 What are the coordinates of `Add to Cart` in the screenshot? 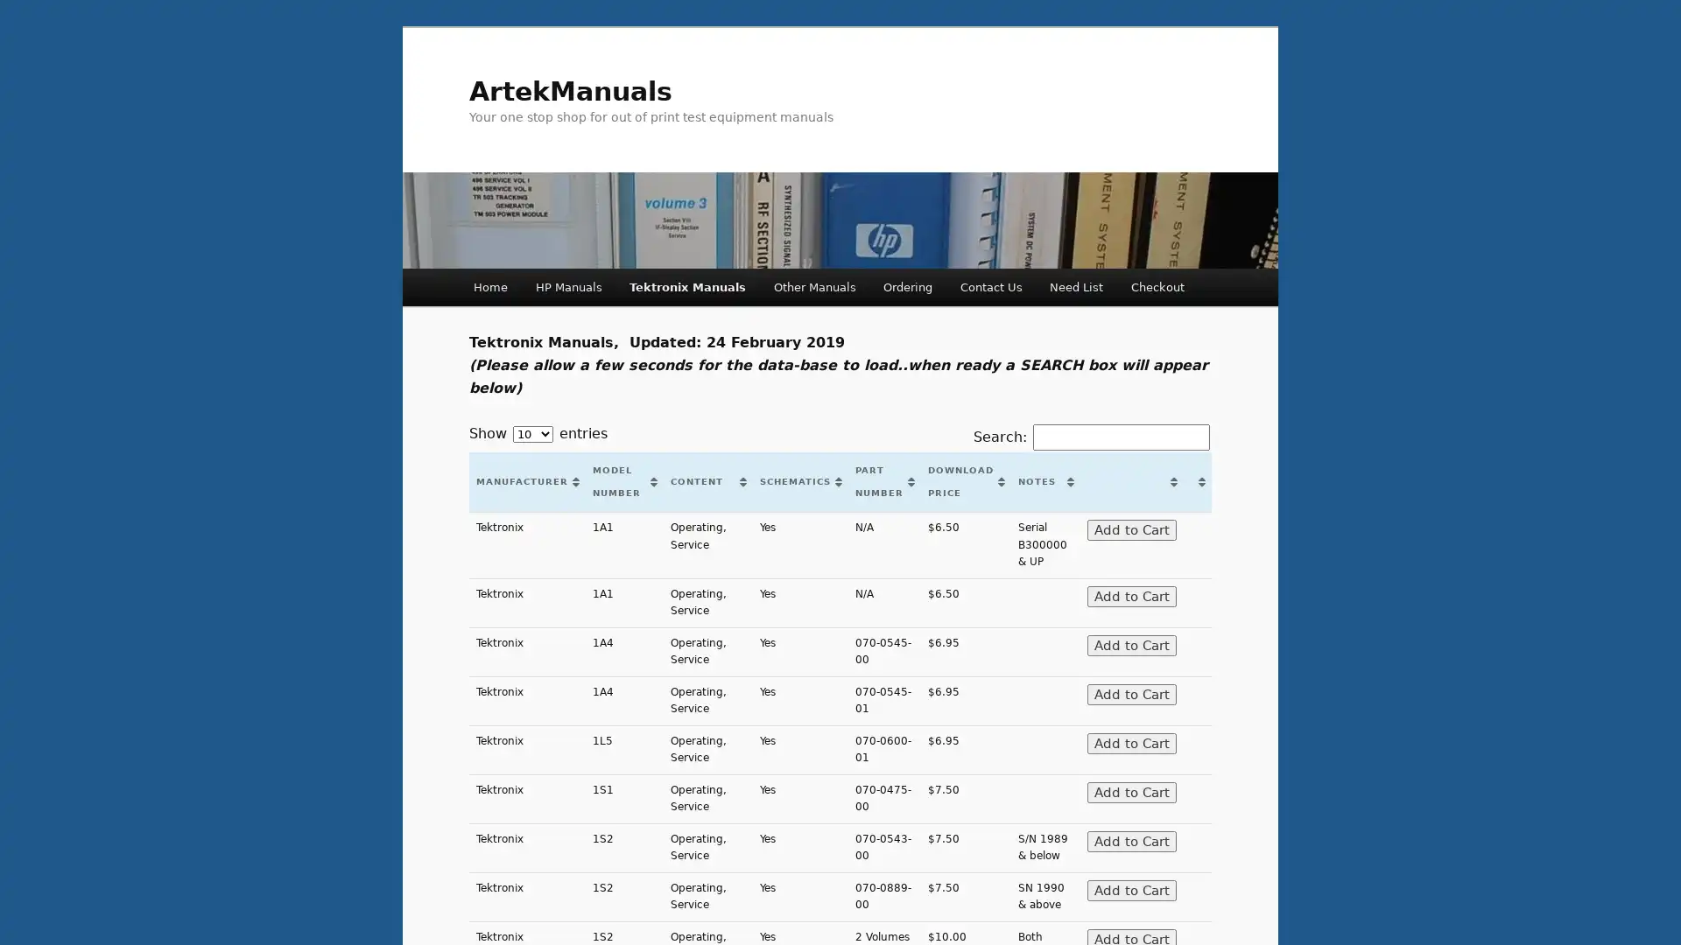 It's located at (1130, 839).